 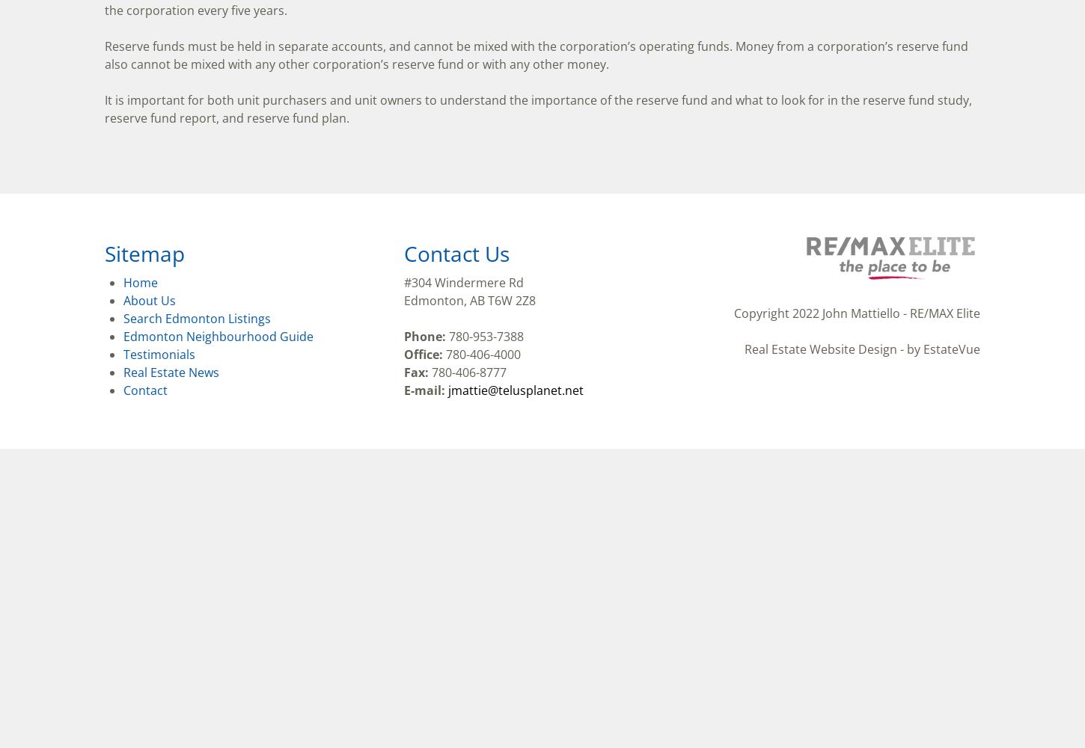 I want to click on 'E-mail:', so click(x=424, y=390).